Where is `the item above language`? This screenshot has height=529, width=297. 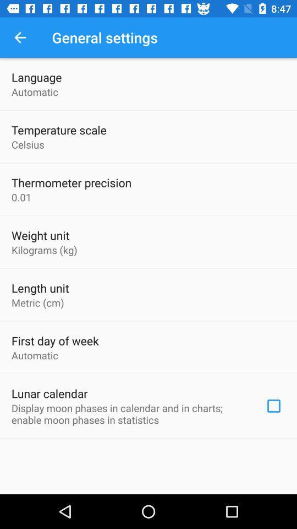
the item above language is located at coordinates (20, 37).